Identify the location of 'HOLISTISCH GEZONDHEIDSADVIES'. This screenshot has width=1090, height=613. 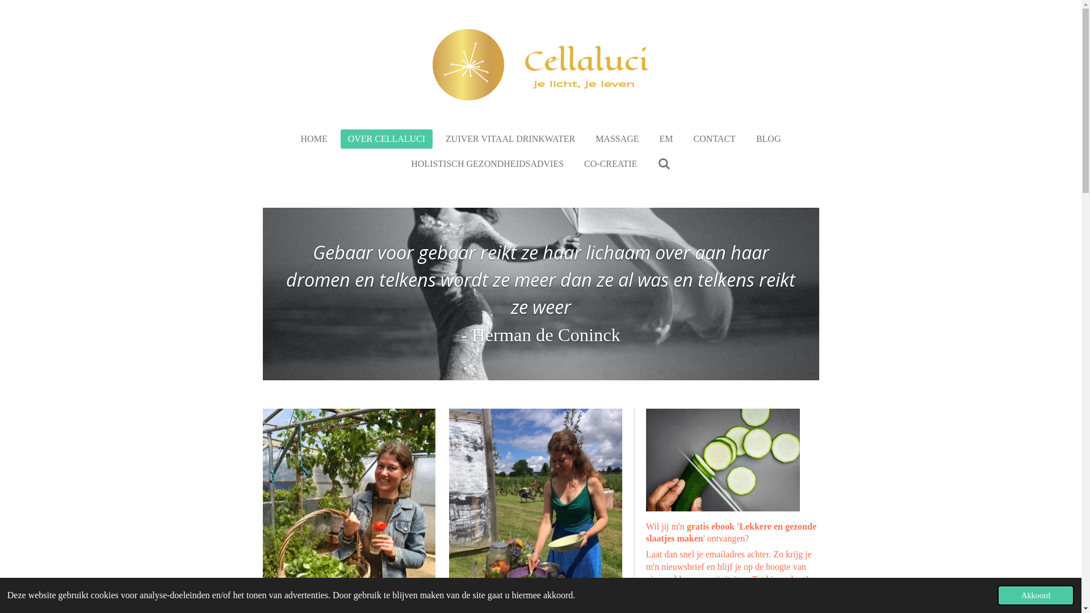
(487, 164).